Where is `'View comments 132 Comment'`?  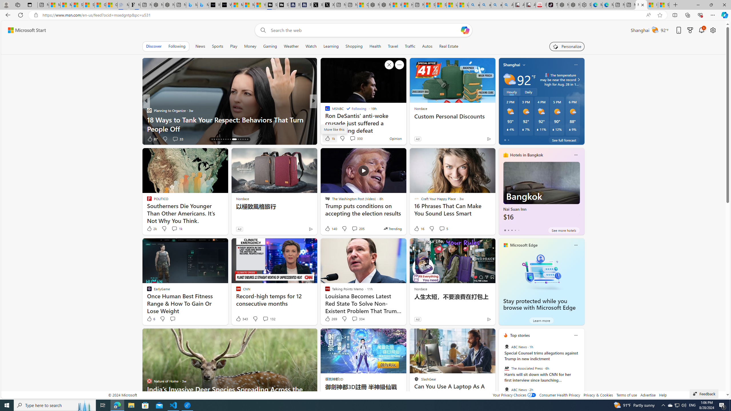 'View comments 132 Comment' is located at coordinates (265, 319).